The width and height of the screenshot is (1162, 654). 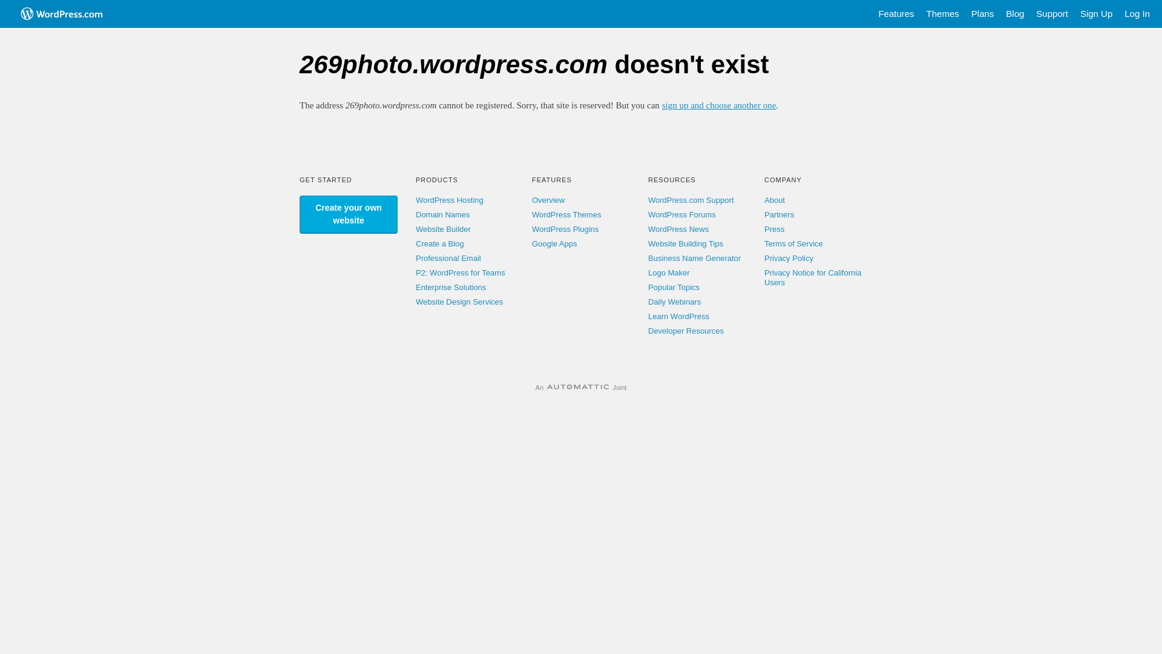 I want to click on 'Logo Maker', so click(x=647, y=272).